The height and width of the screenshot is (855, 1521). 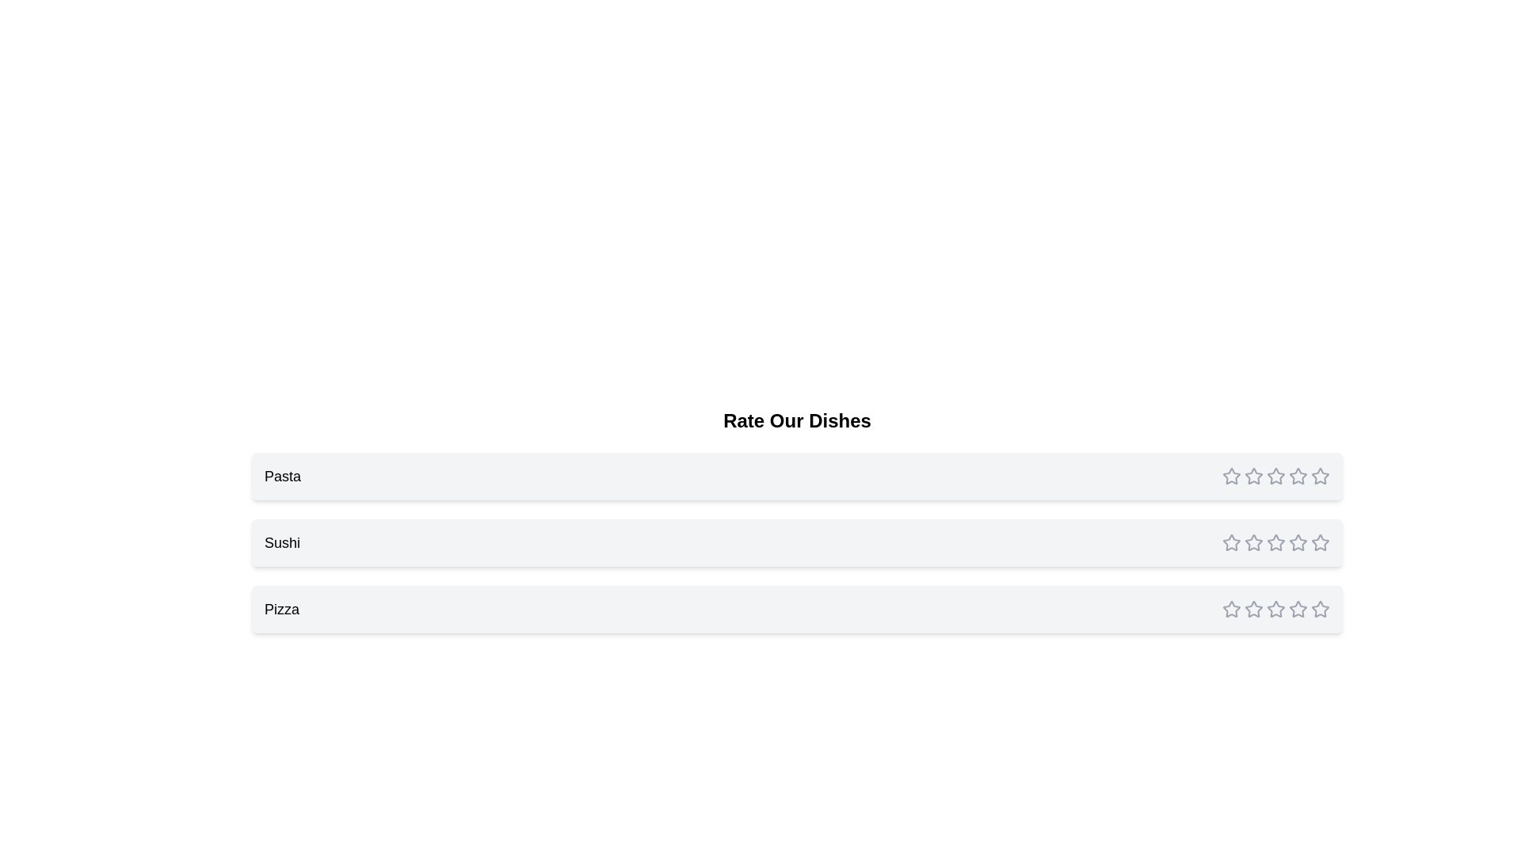 I want to click on the sixth rating star for the item 'Sushi', so click(x=1298, y=475).